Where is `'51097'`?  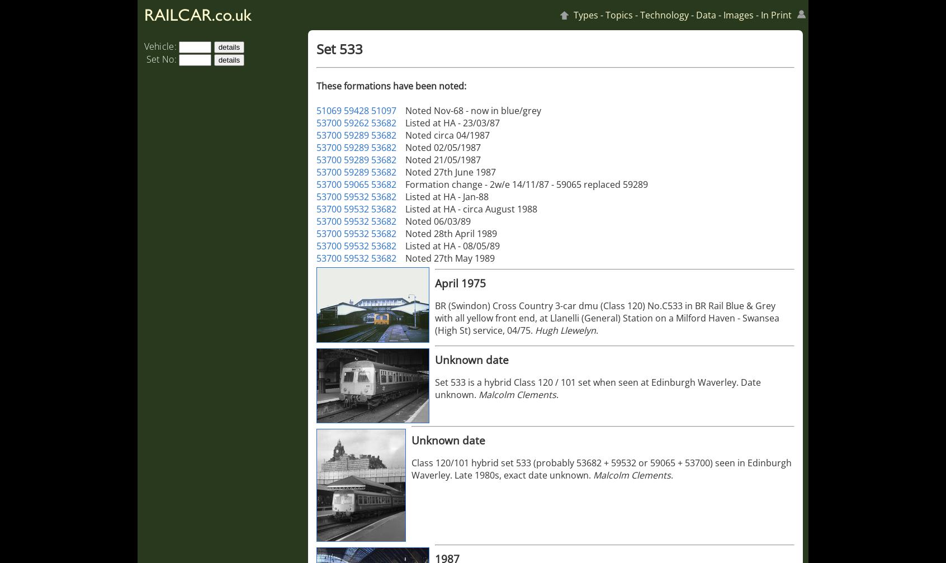
'51097' is located at coordinates (384, 110).